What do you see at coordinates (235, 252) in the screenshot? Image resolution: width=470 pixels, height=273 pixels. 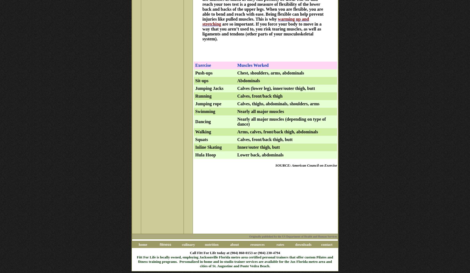 I see `'Call Fitt For Life today at (904) 860-0153 or (904) 230-4794'` at bounding box center [235, 252].